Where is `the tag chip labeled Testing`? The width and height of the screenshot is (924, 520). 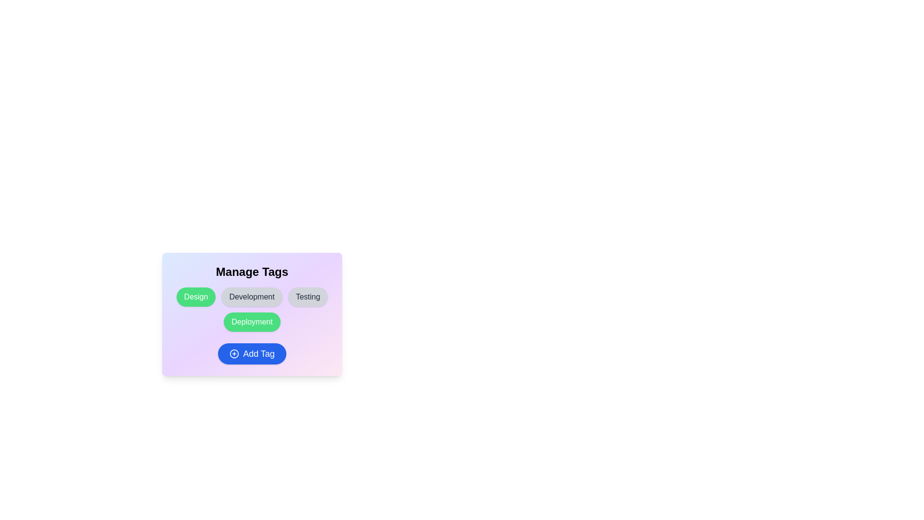 the tag chip labeled Testing is located at coordinates (308, 297).